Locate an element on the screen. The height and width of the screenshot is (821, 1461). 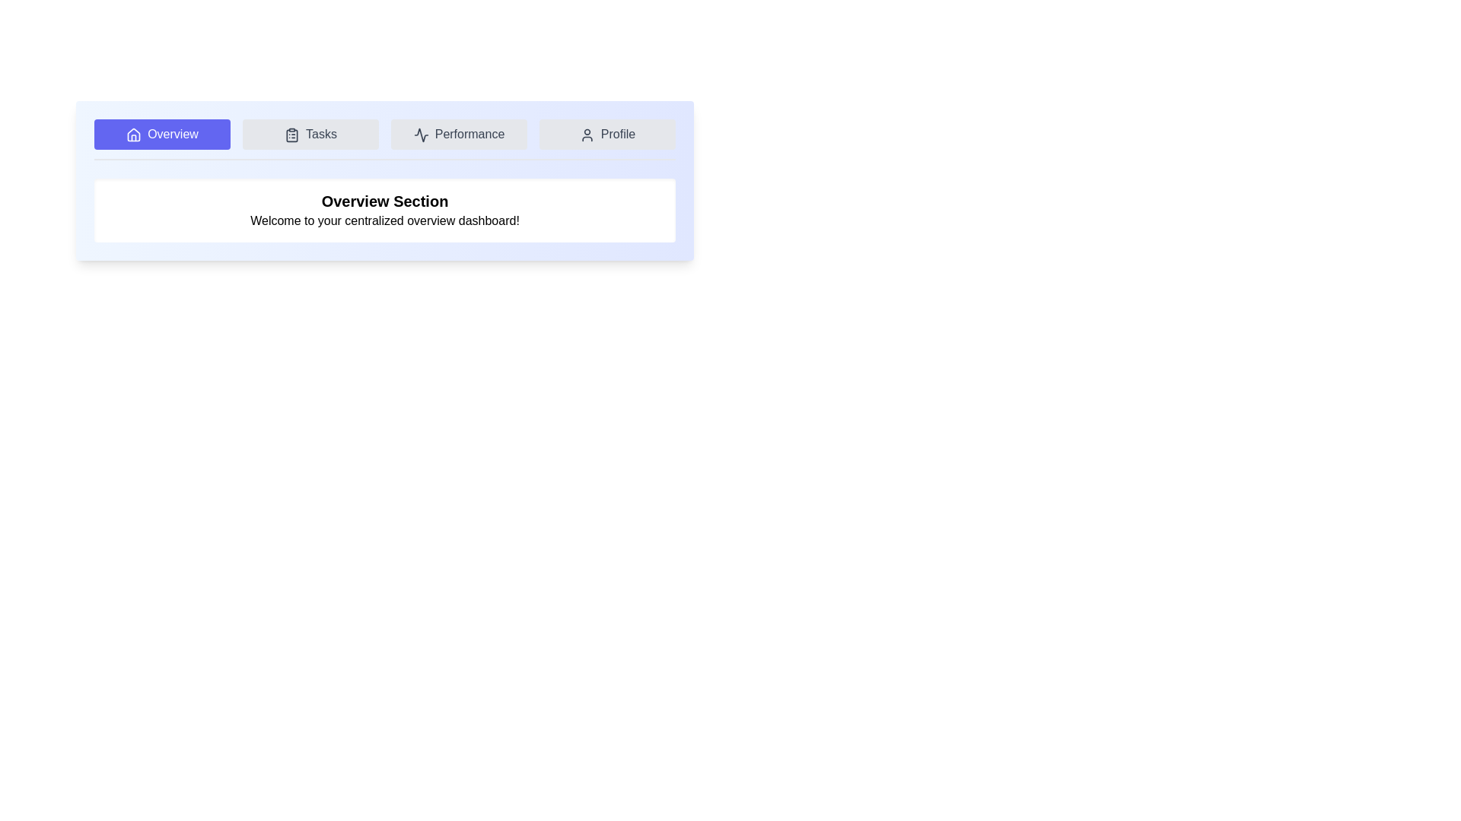
the first button in the horizontal navigation bar at the top-left section of the interface is located at coordinates (162, 134).